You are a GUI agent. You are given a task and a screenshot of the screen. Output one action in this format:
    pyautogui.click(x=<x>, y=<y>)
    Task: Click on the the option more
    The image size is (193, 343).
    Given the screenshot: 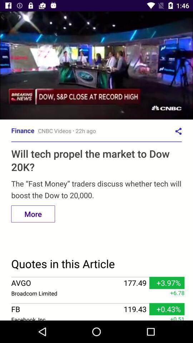 What is the action you would take?
    pyautogui.click(x=33, y=214)
    